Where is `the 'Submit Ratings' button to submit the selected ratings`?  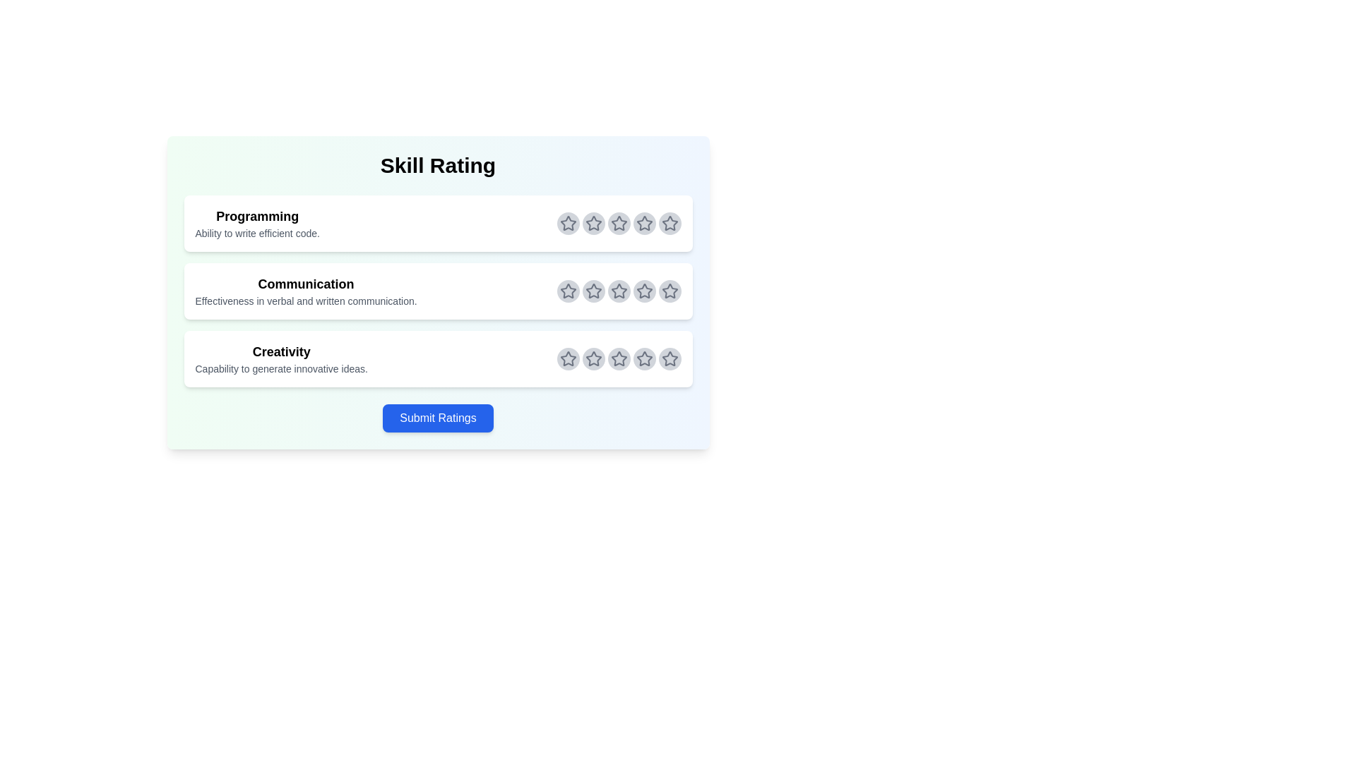
the 'Submit Ratings' button to submit the selected ratings is located at coordinates (437, 418).